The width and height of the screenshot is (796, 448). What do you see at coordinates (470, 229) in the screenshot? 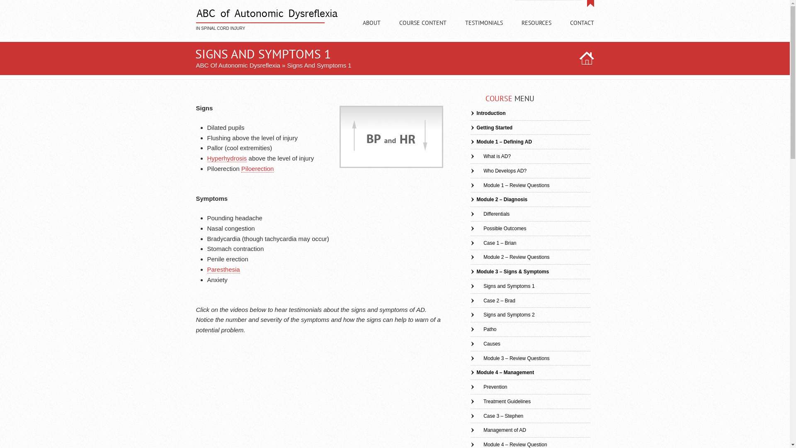
I see `'     Possible Outcomes'` at bounding box center [470, 229].